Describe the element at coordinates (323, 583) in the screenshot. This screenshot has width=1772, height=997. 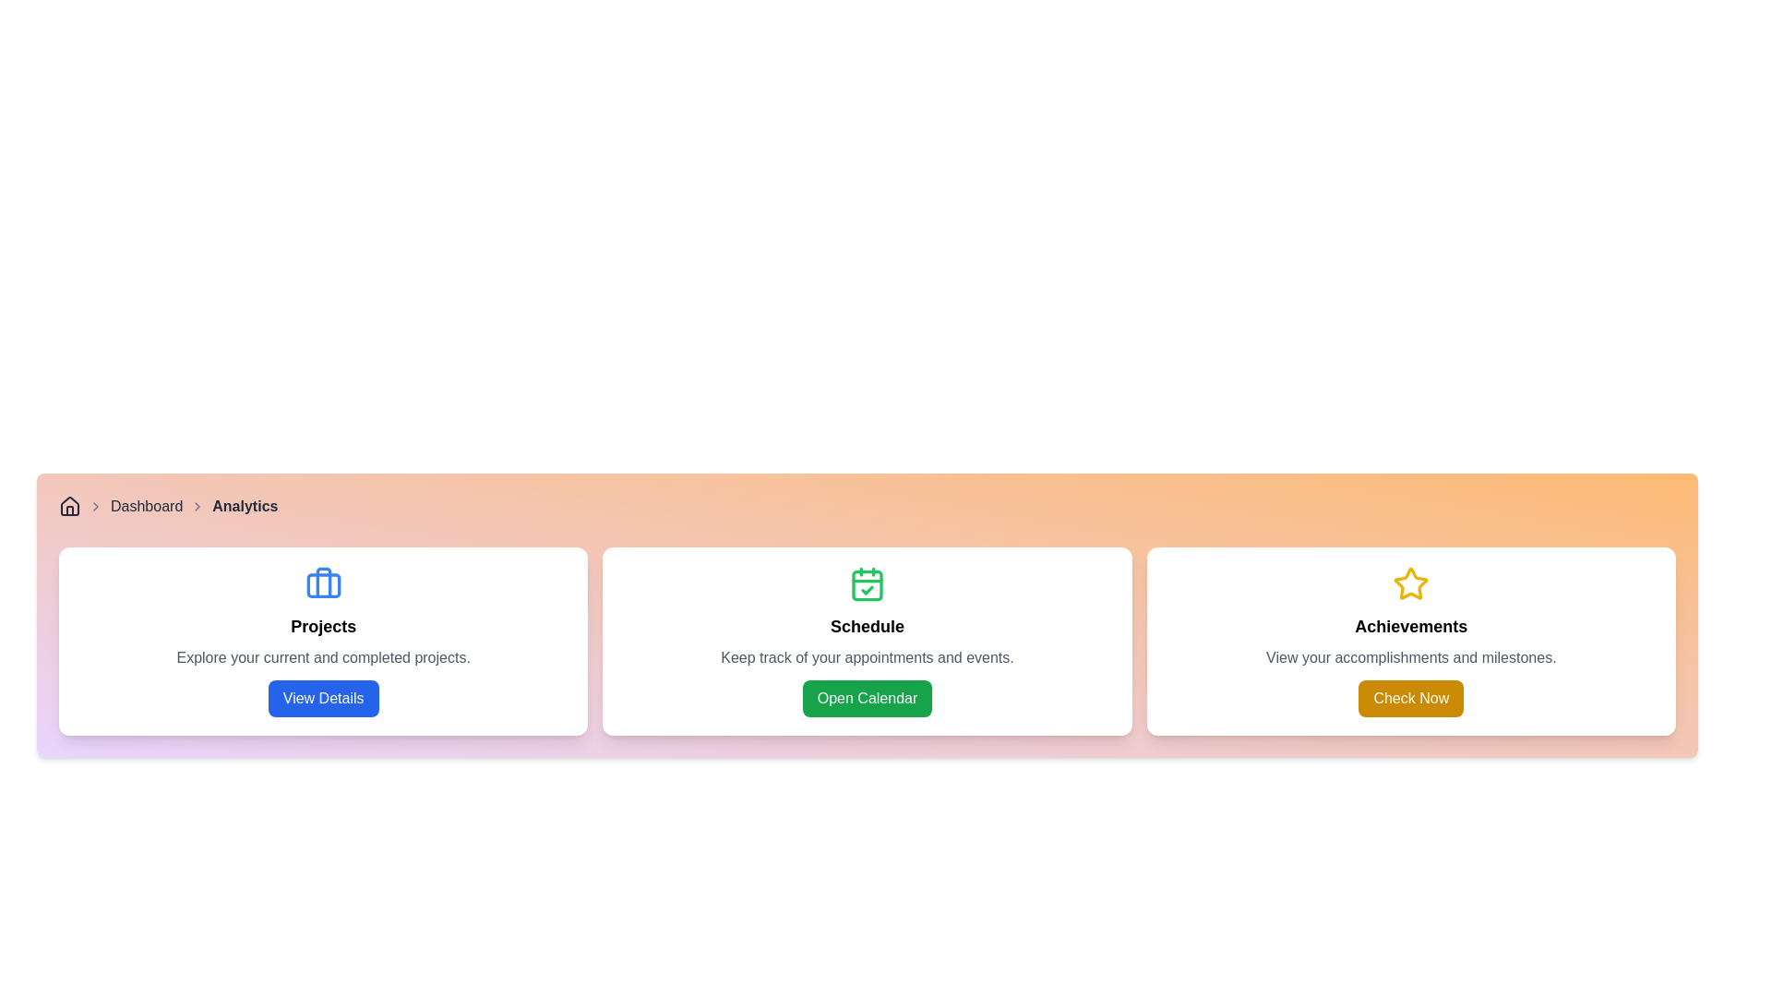
I see `the blue briefcase icon located in the 'Projects' card, positioned above the text 'Projects'` at that location.